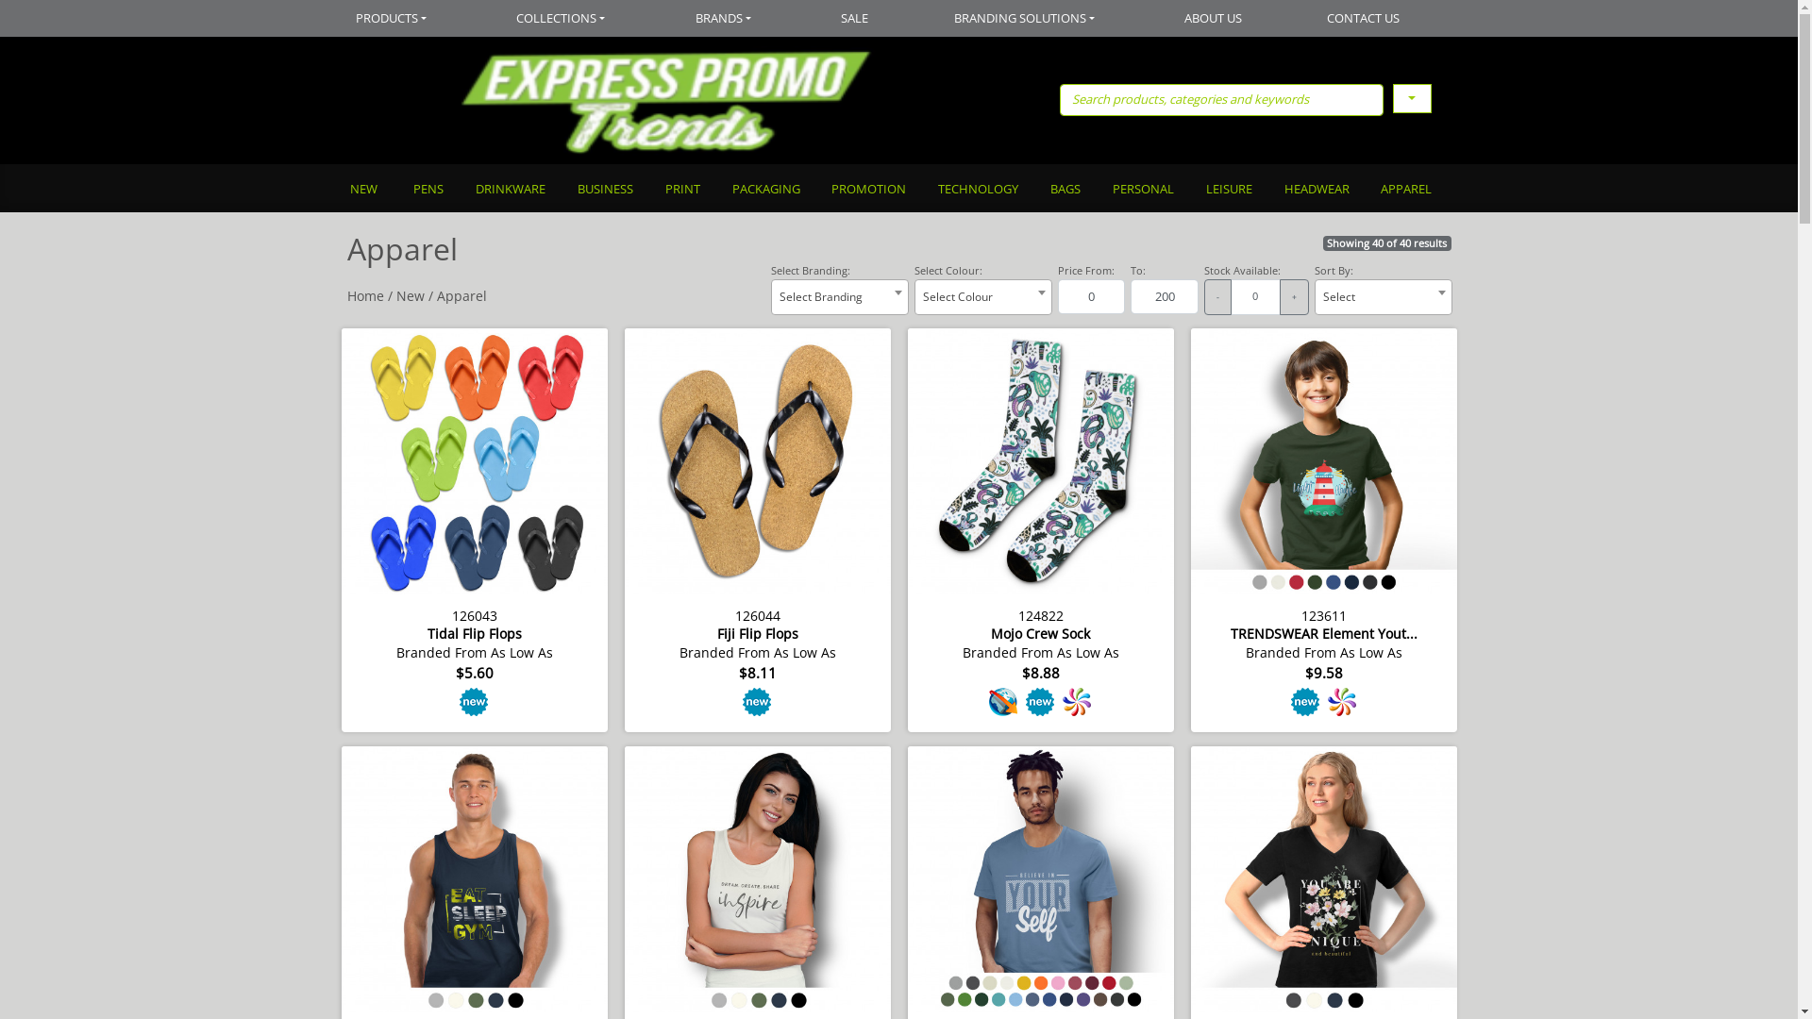 The width and height of the screenshot is (1812, 1019). What do you see at coordinates (475, 18) in the screenshot?
I see `'COLLECTIONS'` at bounding box center [475, 18].